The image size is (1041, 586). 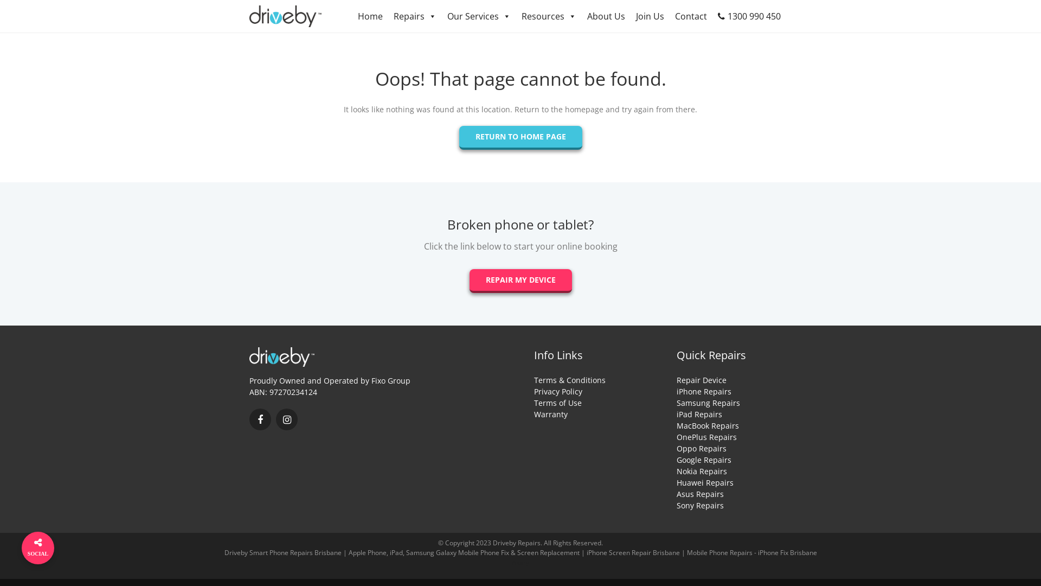 What do you see at coordinates (700, 505) in the screenshot?
I see `'Sony Repairs'` at bounding box center [700, 505].